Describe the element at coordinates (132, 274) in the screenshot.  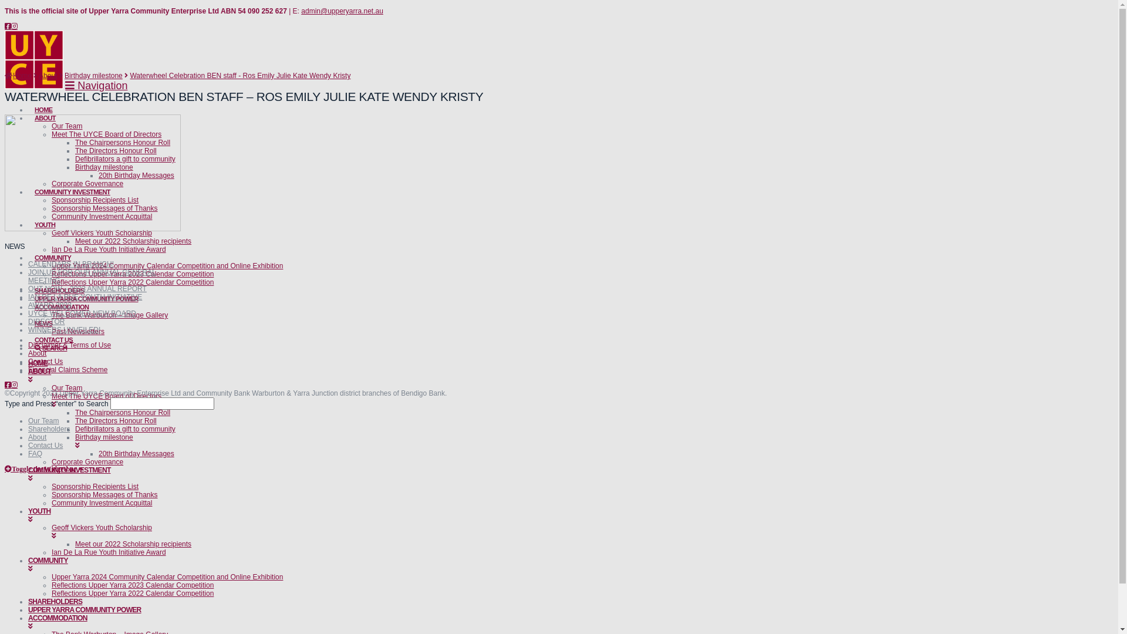
I see `'Reflections Upper Yarra 2023 Calendar Competition'` at that location.